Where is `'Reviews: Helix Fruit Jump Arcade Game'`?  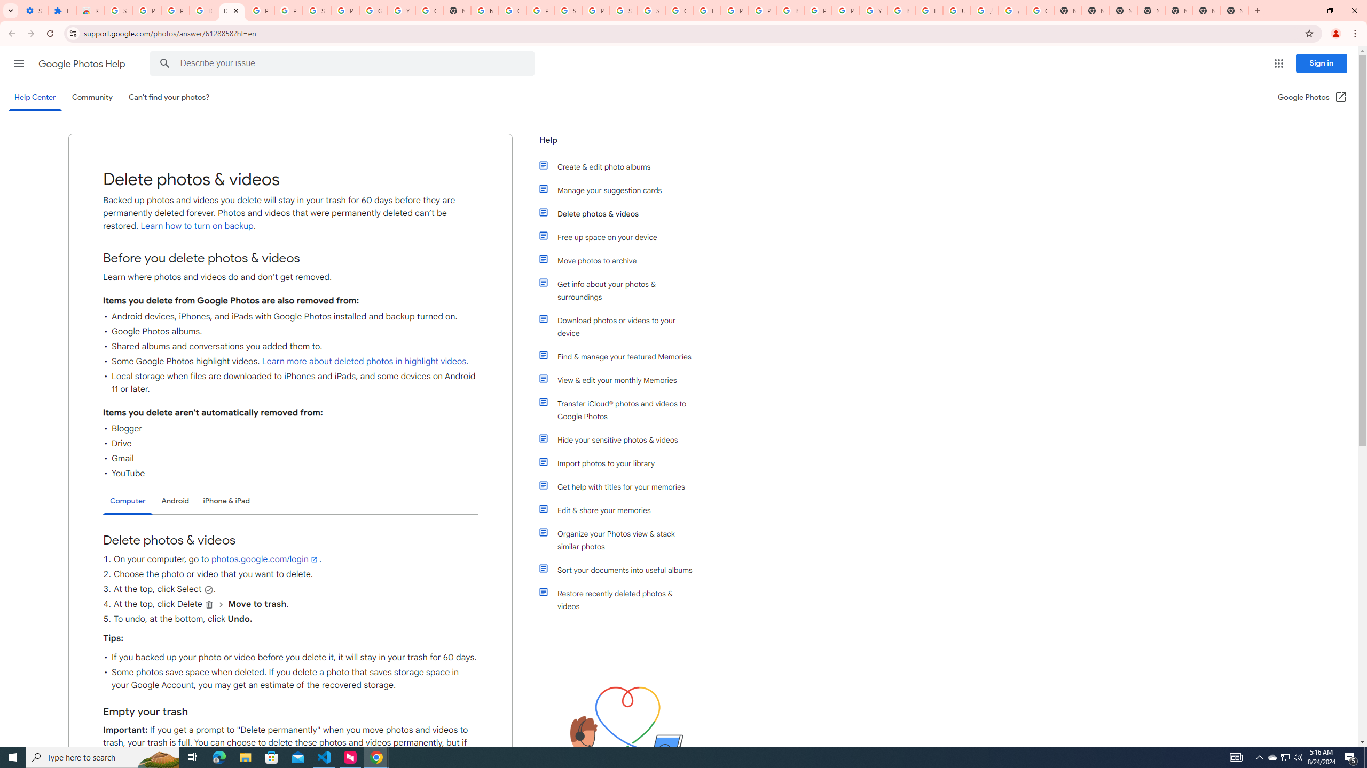 'Reviews: Helix Fruit Jump Arcade Game' is located at coordinates (89, 10).